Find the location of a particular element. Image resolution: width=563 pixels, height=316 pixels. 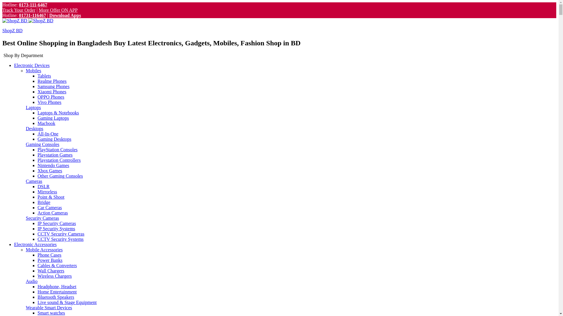

'Realme Phones' is located at coordinates (37, 81).